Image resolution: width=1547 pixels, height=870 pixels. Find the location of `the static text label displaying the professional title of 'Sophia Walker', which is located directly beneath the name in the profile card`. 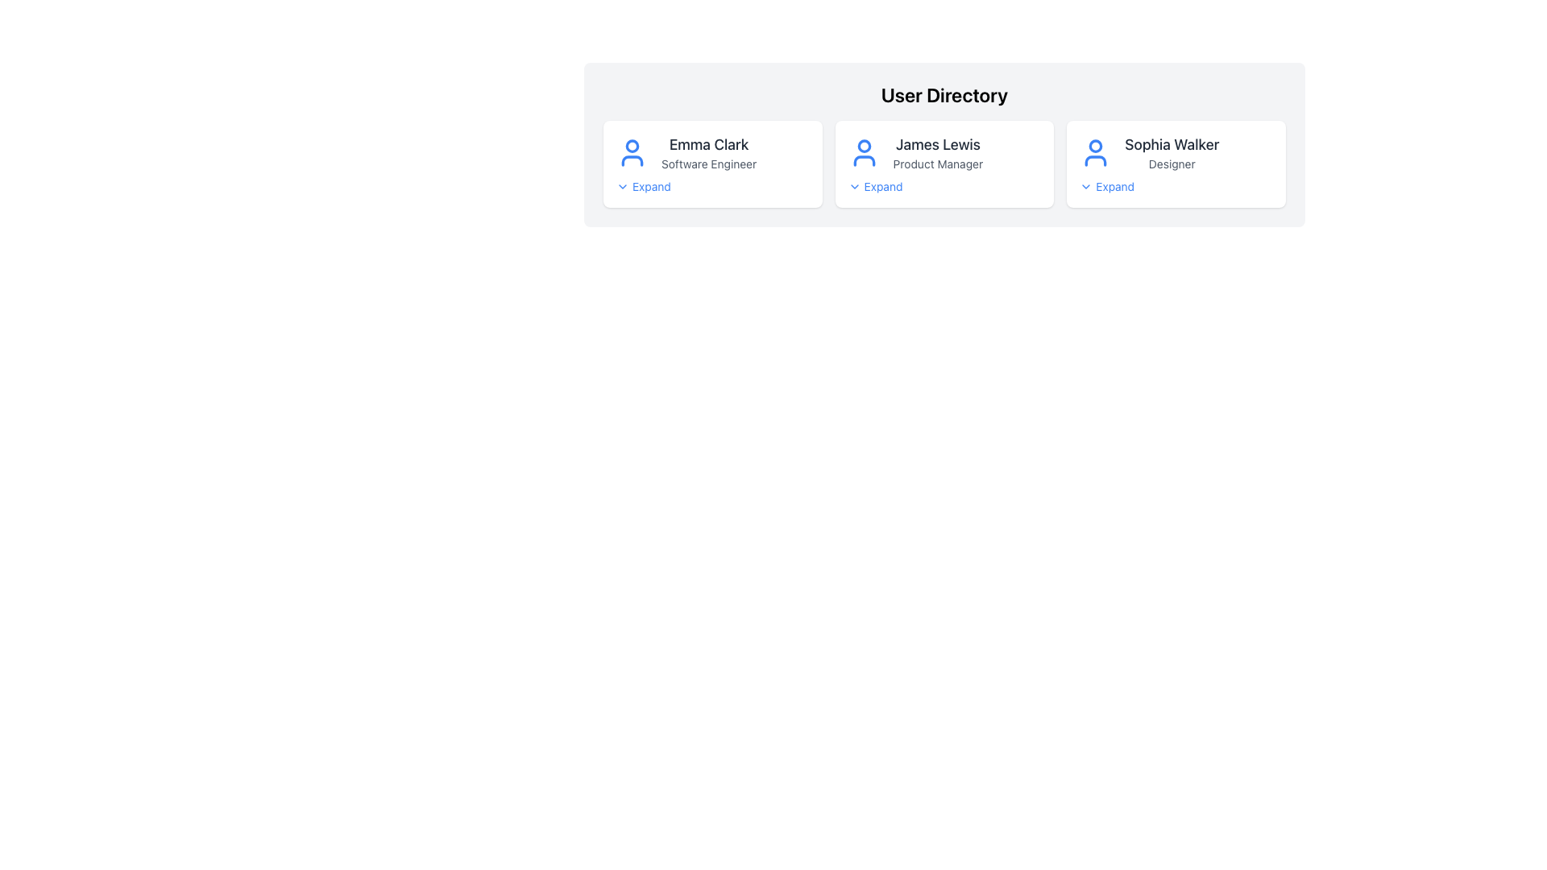

the static text label displaying the professional title of 'Sophia Walker', which is located directly beneath the name in the profile card is located at coordinates (1172, 164).